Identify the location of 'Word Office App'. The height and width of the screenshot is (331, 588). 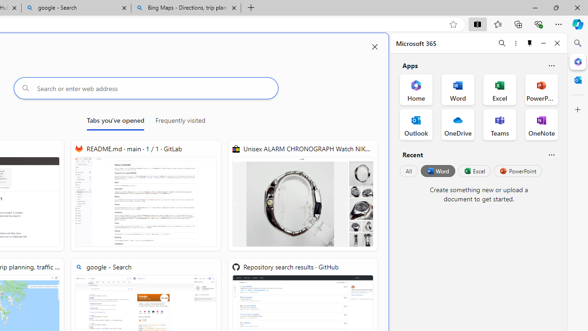
(458, 90).